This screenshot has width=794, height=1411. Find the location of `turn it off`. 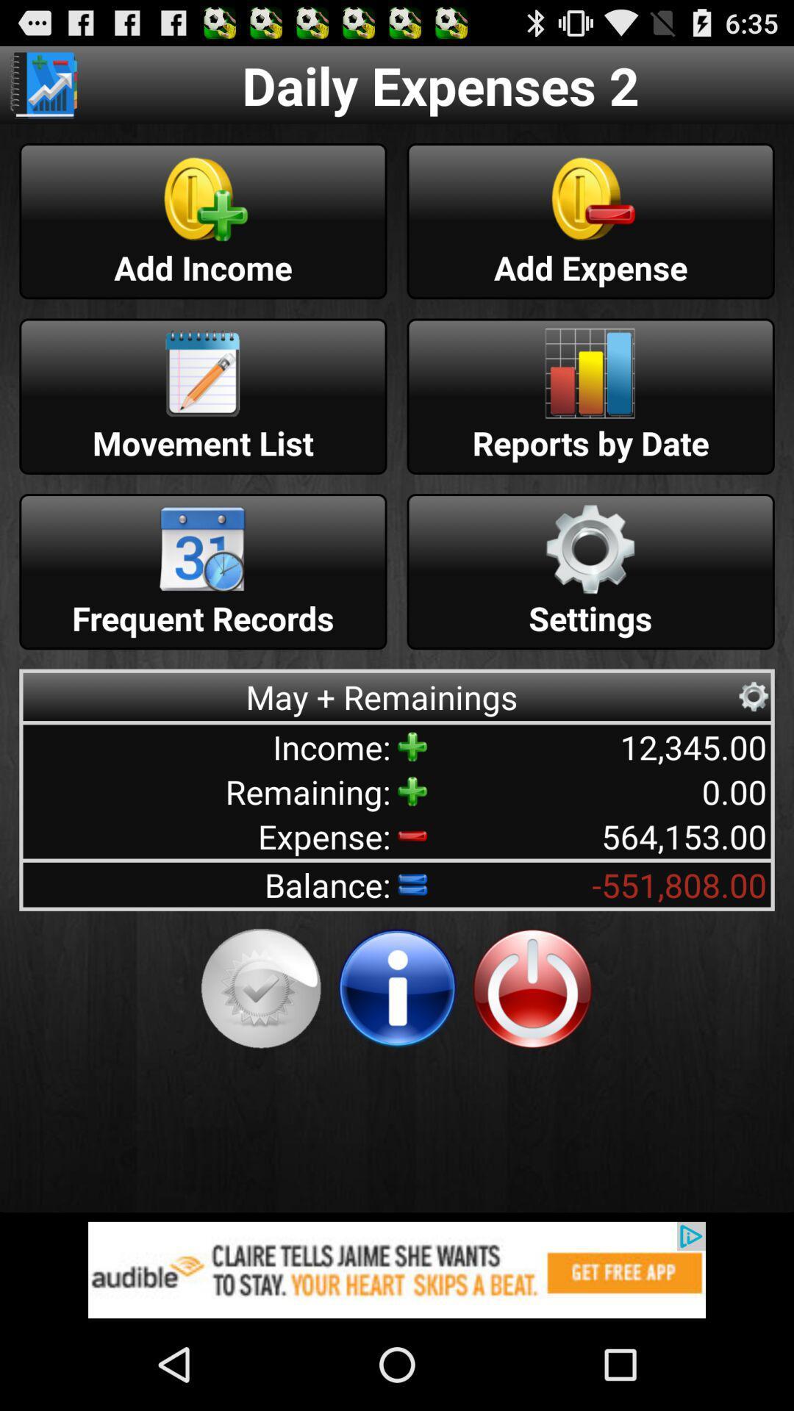

turn it off is located at coordinates (532, 988).